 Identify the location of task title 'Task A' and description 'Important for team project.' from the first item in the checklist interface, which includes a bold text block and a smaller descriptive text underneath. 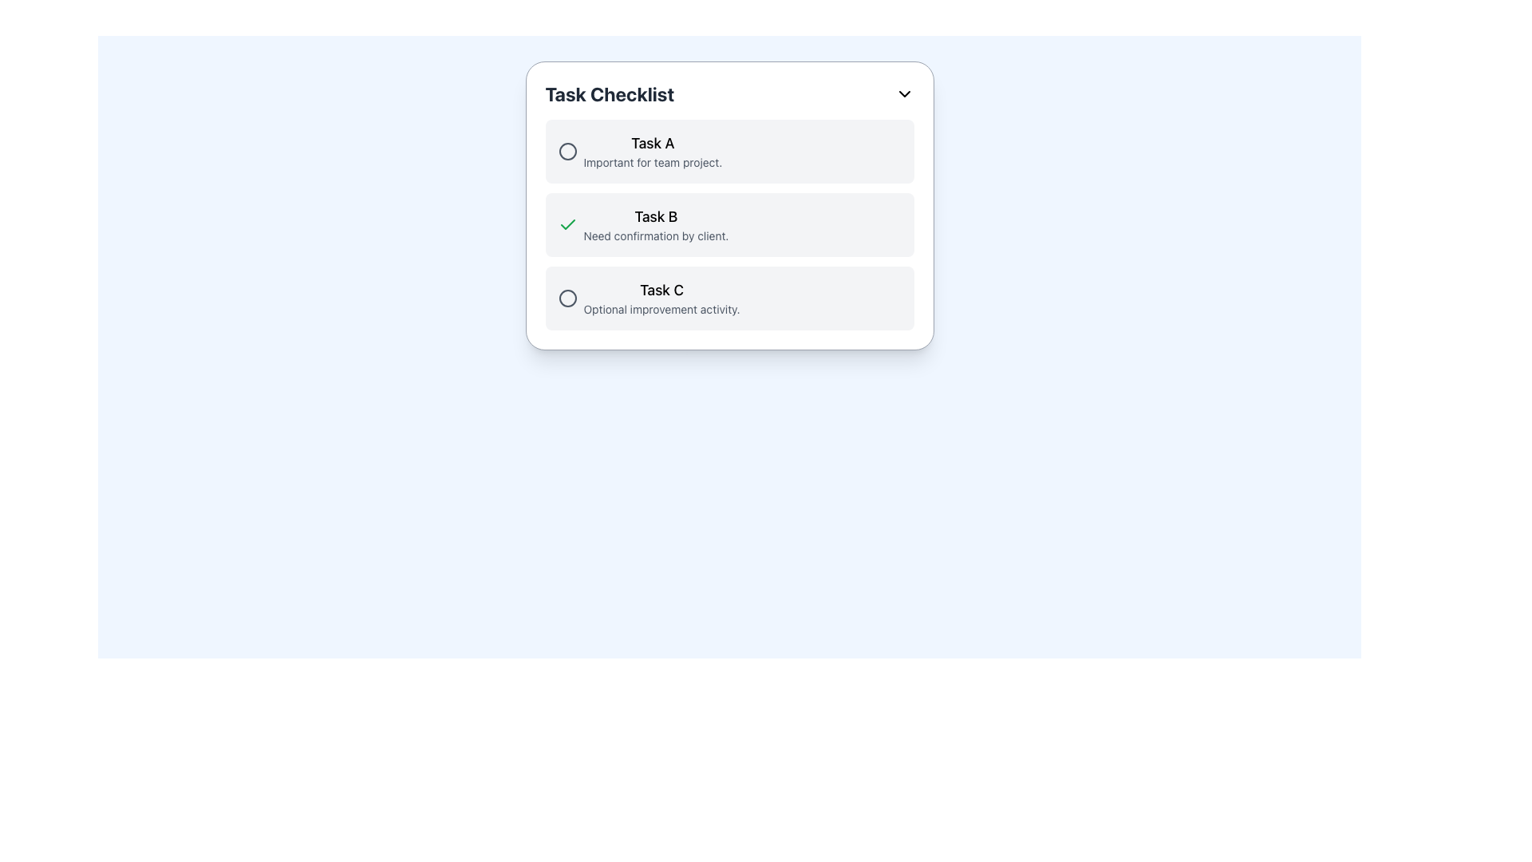
(653, 151).